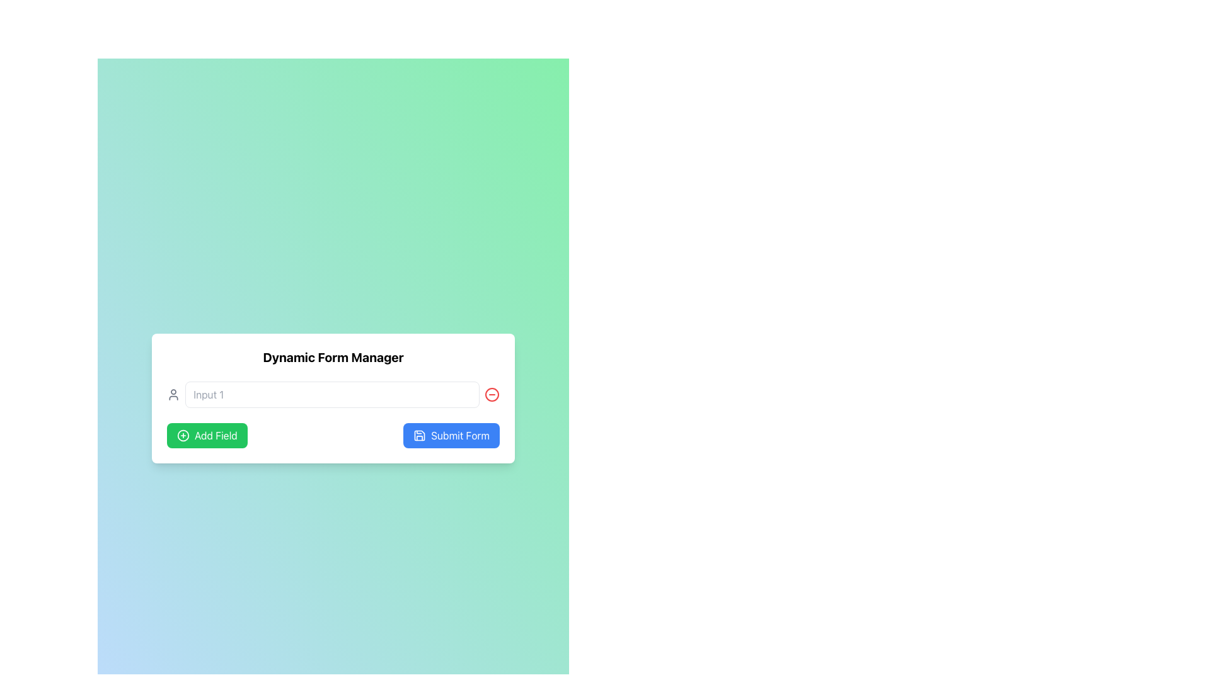 This screenshot has width=1210, height=680. I want to click on the 'Add Field' button's icon, which is a circular outline with a plus sign, so click(183, 434).